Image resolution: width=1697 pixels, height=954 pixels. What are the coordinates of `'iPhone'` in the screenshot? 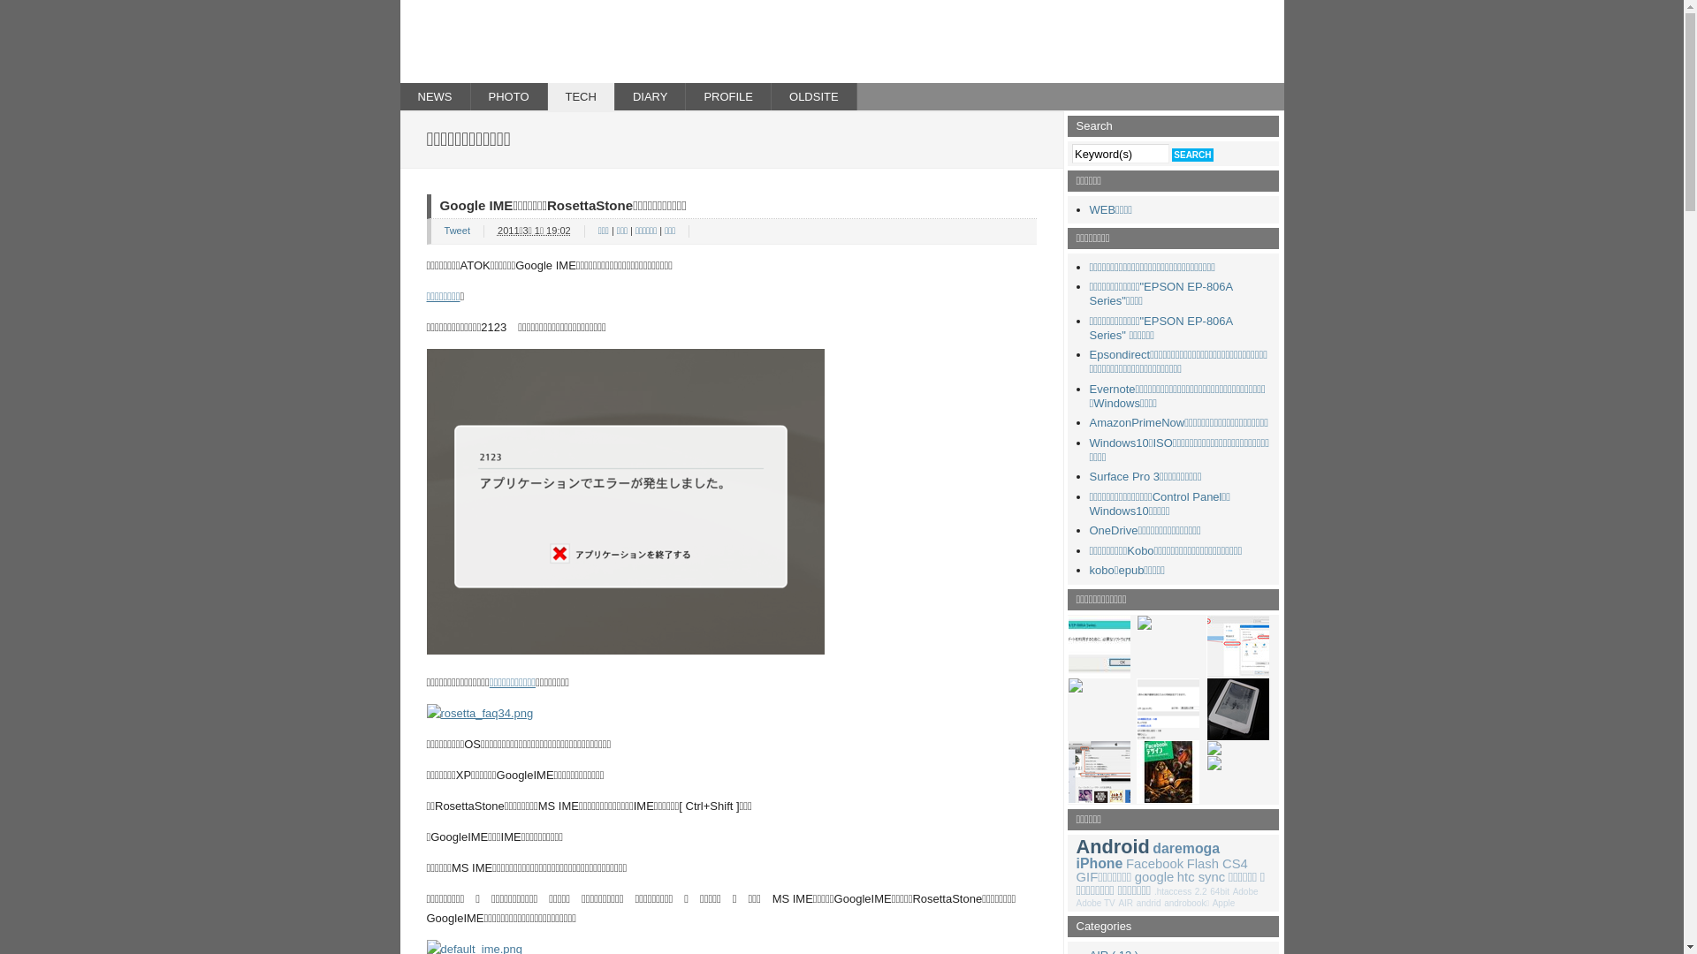 It's located at (1076, 862).